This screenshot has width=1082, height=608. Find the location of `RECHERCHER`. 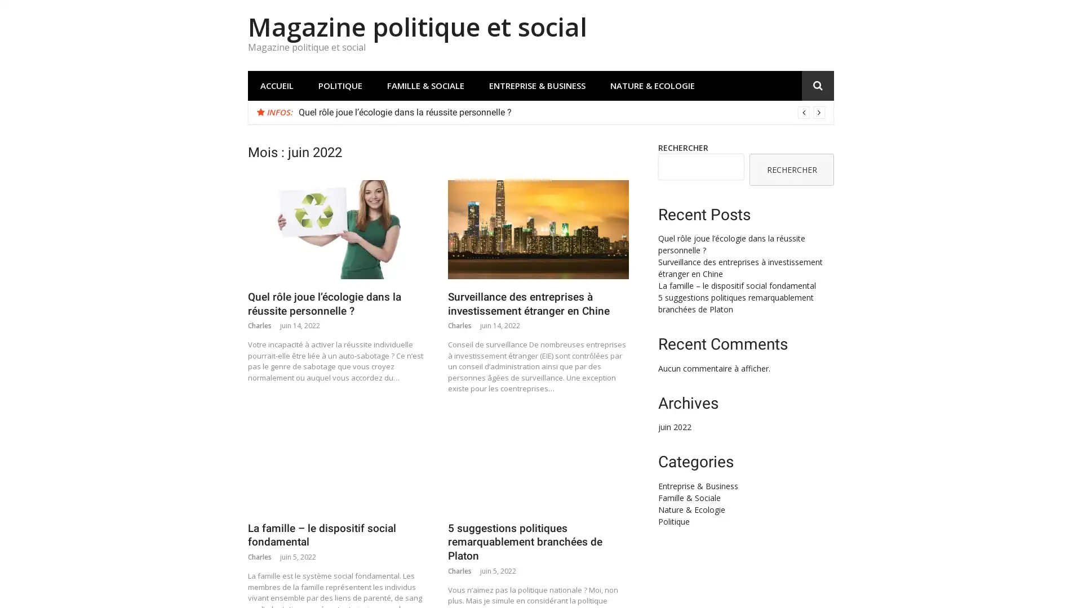

RECHERCHER is located at coordinates (791, 169).